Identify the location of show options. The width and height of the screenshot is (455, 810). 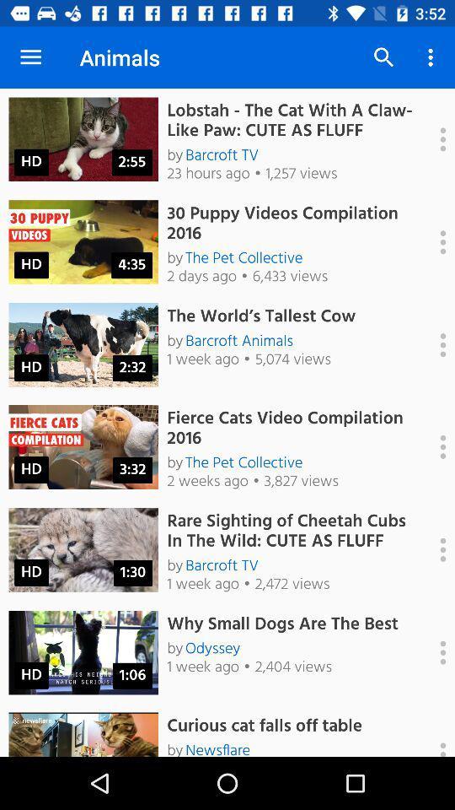
(434, 138).